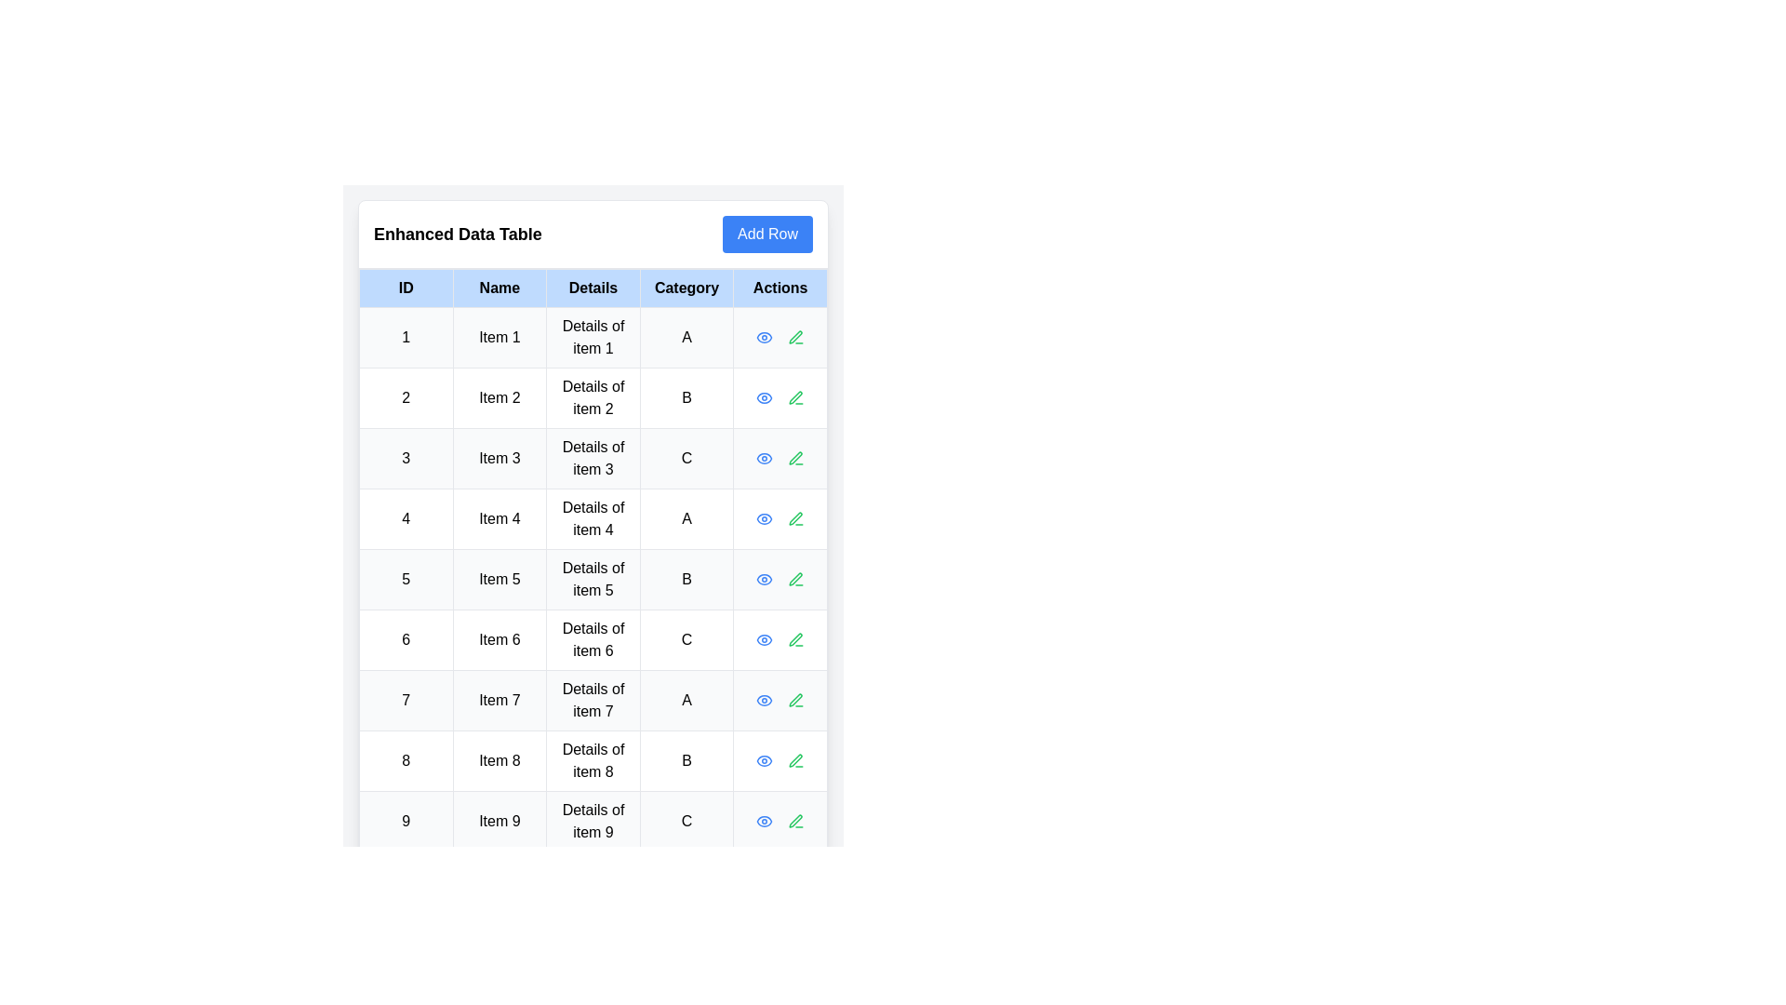  What do you see at coordinates (500, 760) in the screenshot?
I see `the Text display cell that displays 'Item 8' in the second column of the table layout` at bounding box center [500, 760].